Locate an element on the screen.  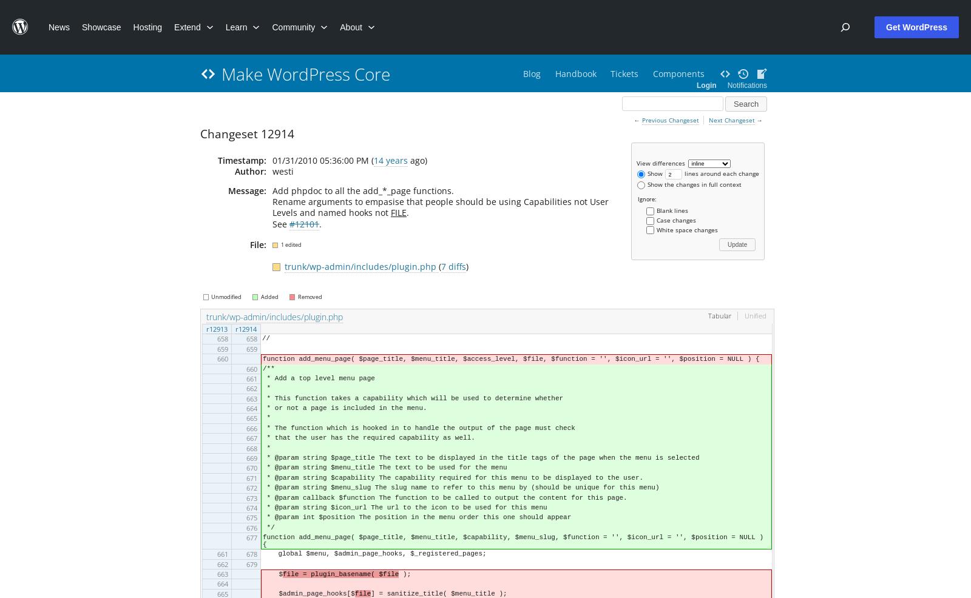
'Case changes' is located at coordinates (657, 218).